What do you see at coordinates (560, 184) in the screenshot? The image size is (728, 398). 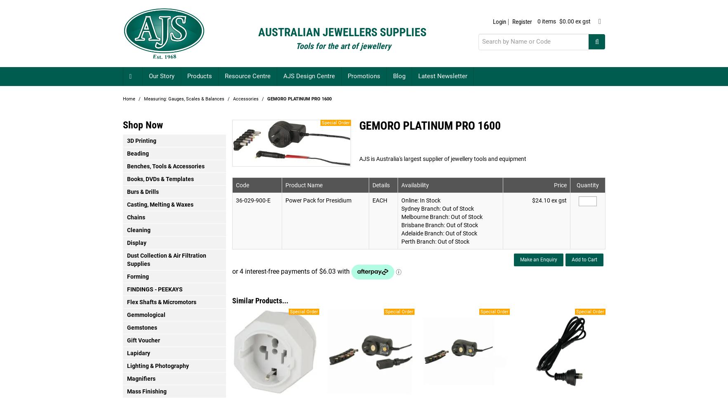 I see `'Price'` at bounding box center [560, 184].